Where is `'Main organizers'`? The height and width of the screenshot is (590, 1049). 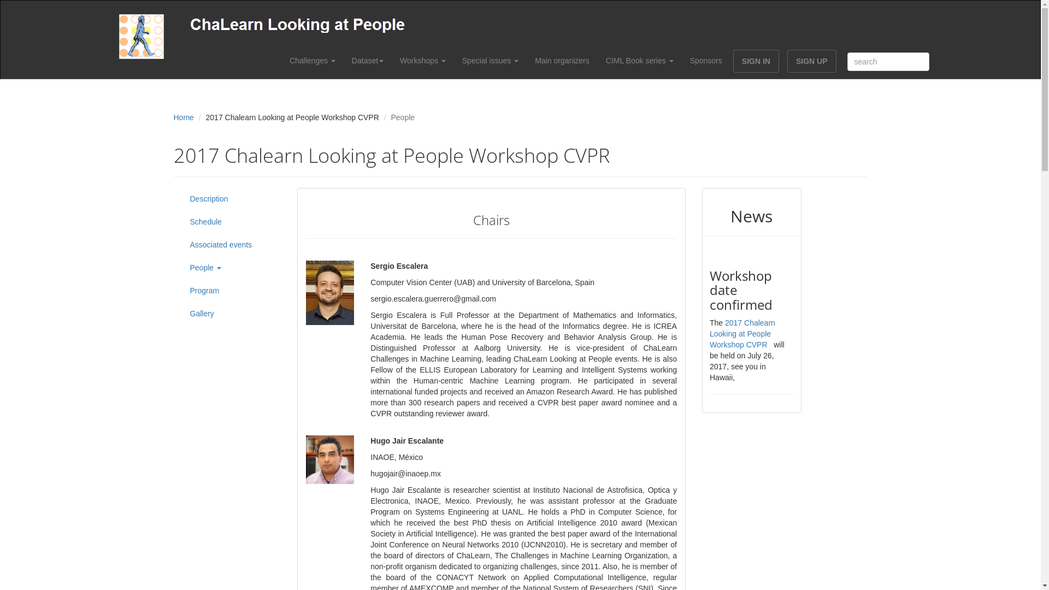 'Main organizers' is located at coordinates (562, 61).